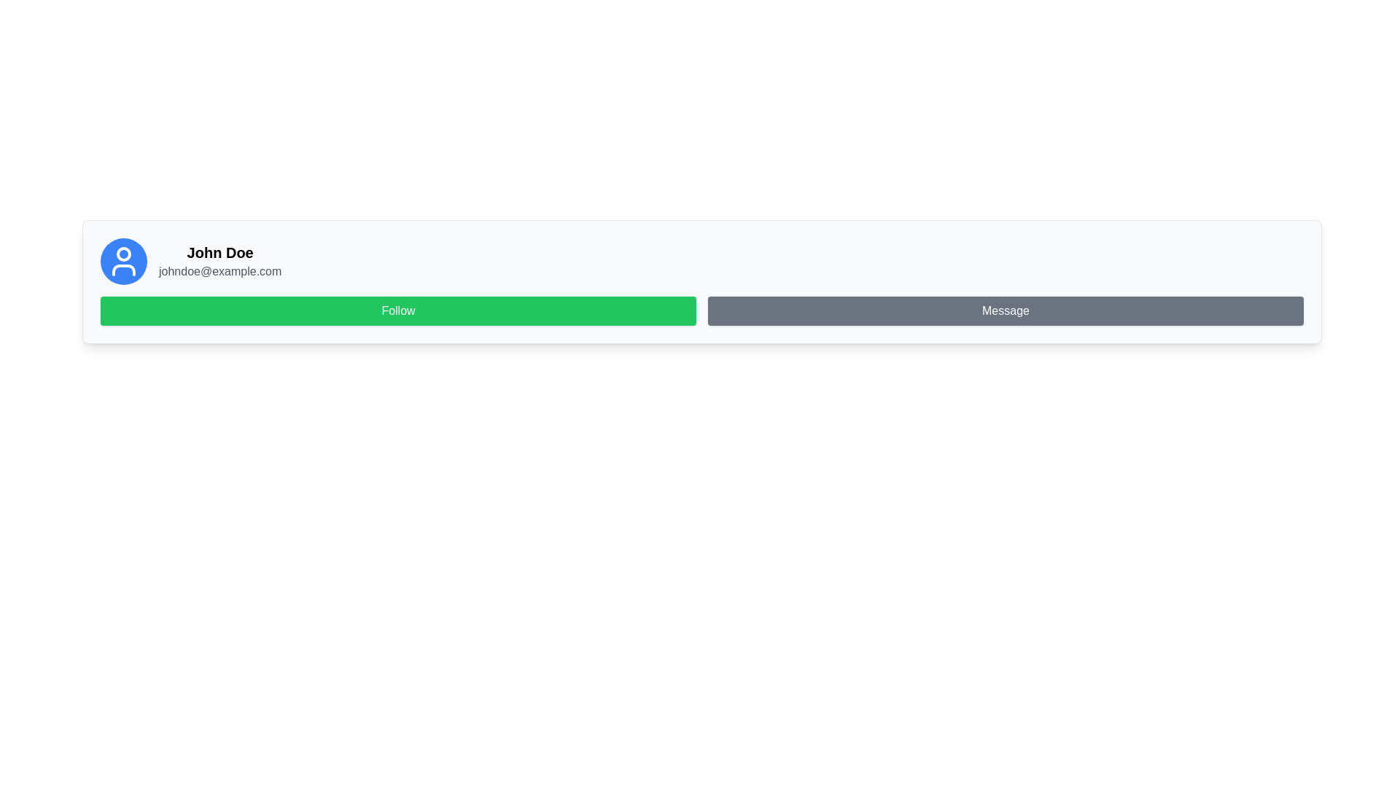  What do you see at coordinates (123, 253) in the screenshot?
I see `the small circle inside the user profile icon, which has white outlines on a blue background` at bounding box center [123, 253].